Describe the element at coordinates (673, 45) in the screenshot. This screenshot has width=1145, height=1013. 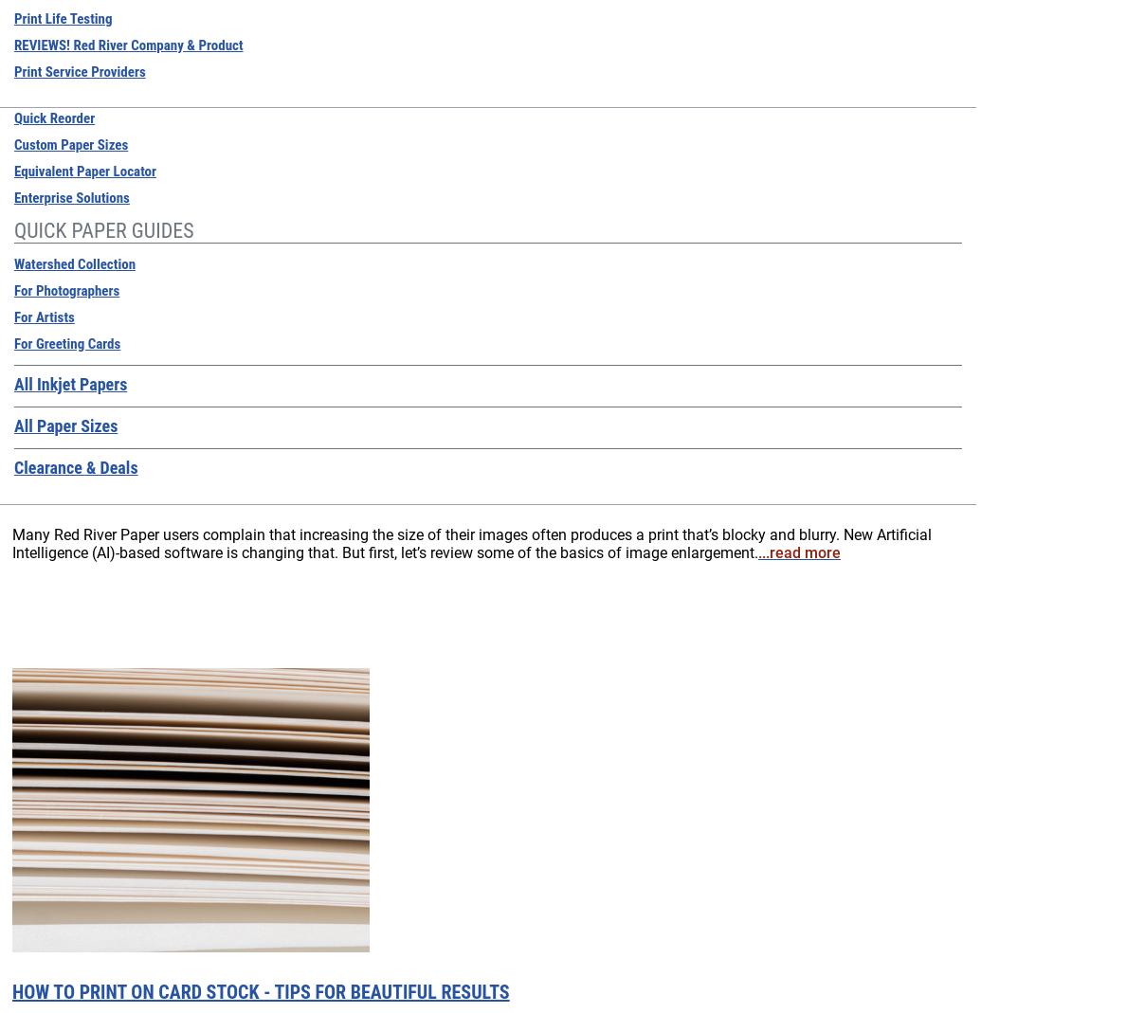
I see `'Handy Hardware'` at that location.